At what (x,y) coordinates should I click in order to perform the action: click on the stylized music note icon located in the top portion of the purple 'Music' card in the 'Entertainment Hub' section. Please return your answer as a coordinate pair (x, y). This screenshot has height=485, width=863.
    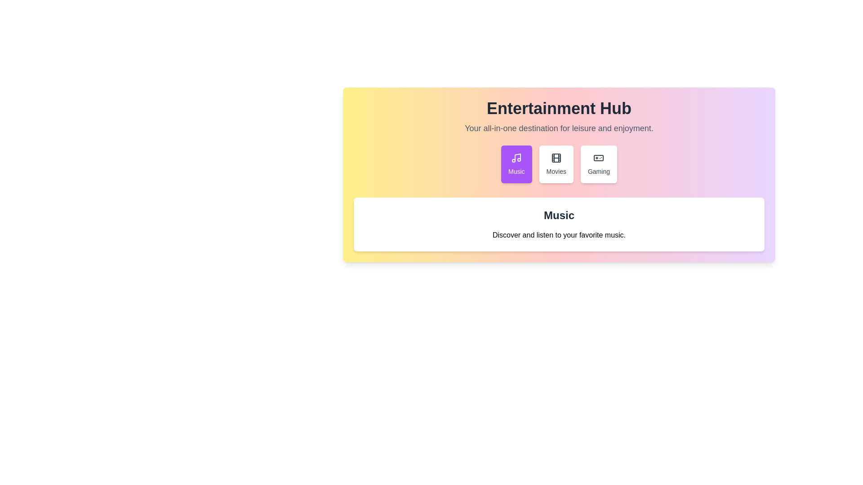
    Looking at the image, I should click on (516, 157).